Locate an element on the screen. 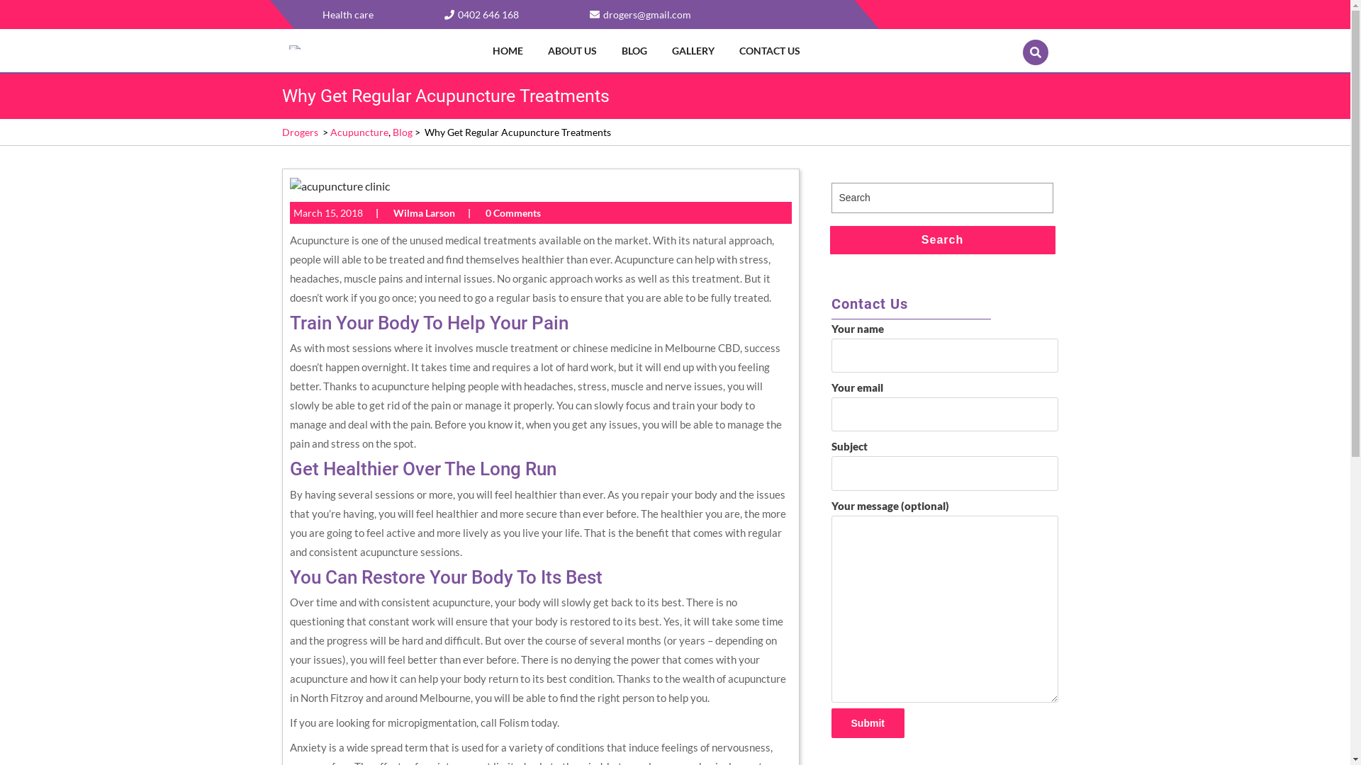 The width and height of the screenshot is (1361, 765). 'Acupuncture' is located at coordinates (329, 132).